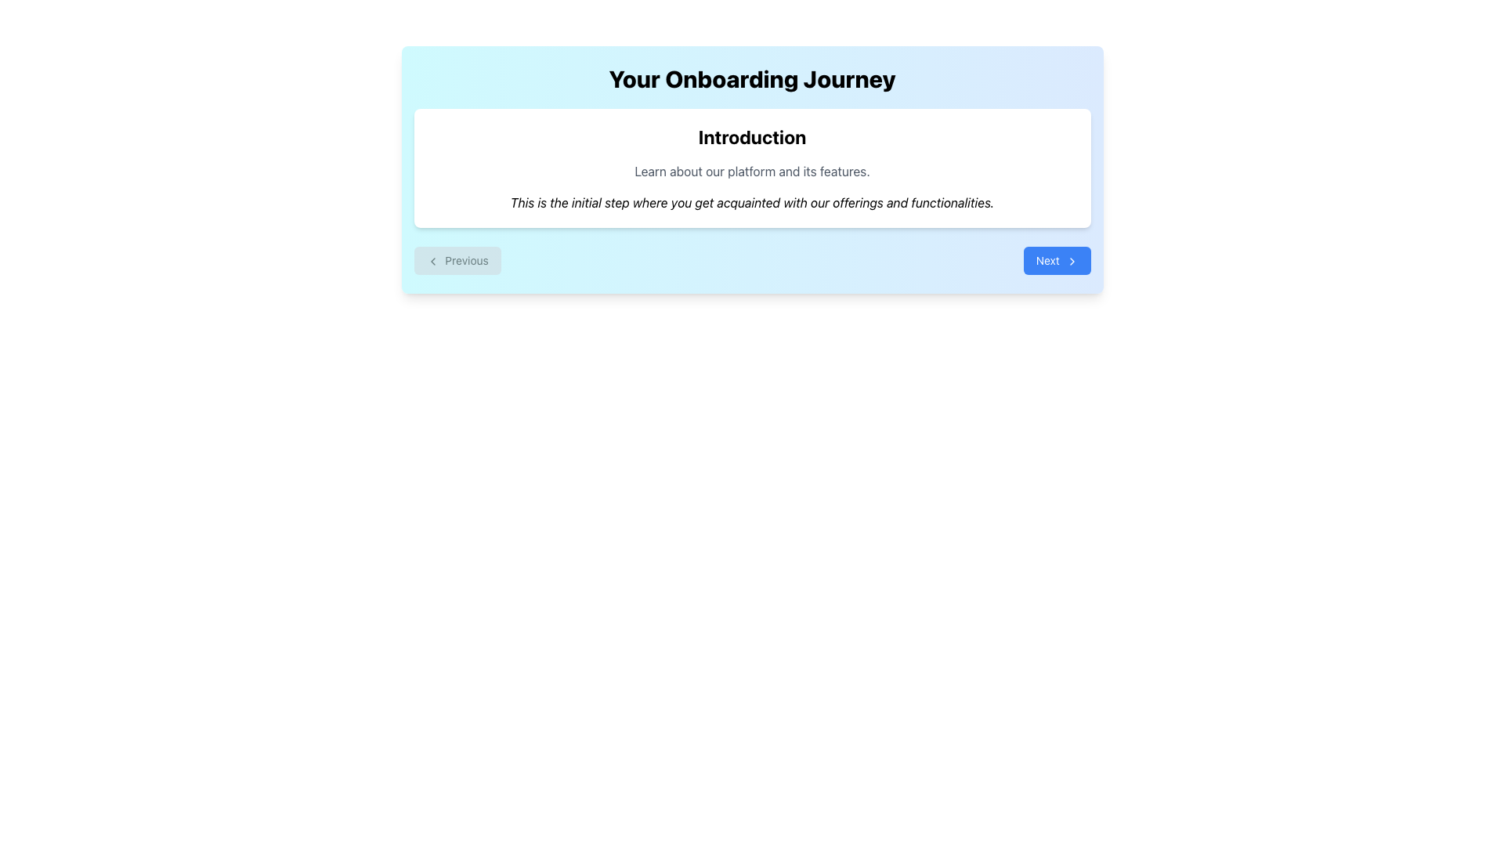  What do you see at coordinates (432, 261) in the screenshot?
I see `the 'Previous' button, which contains a left-facing arrow icon` at bounding box center [432, 261].